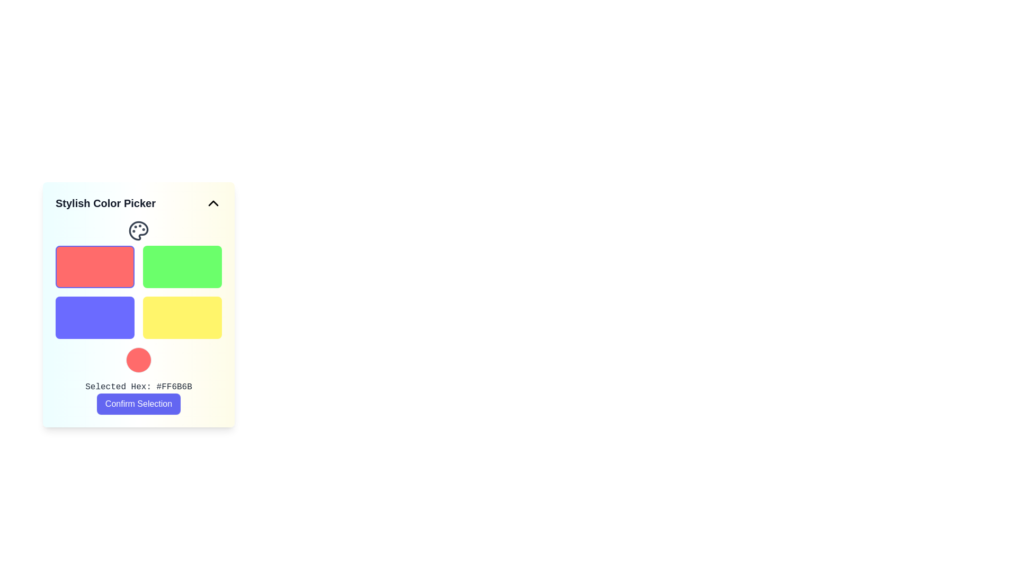 The height and width of the screenshot is (572, 1017). Describe the element at coordinates (138, 404) in the screenshot. I see `the rectangular button with a blue background and white text that reads 'Confirm Selection' to provide interaction feedback` at that location.